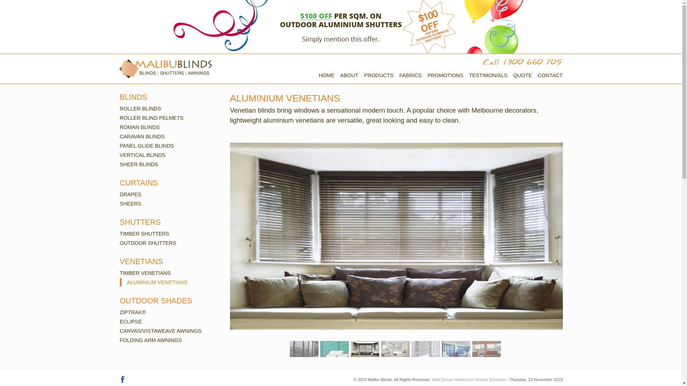 The image size is (687, 386). I want to click on 'TIMBER SHUTTERS', so click(169, 234).